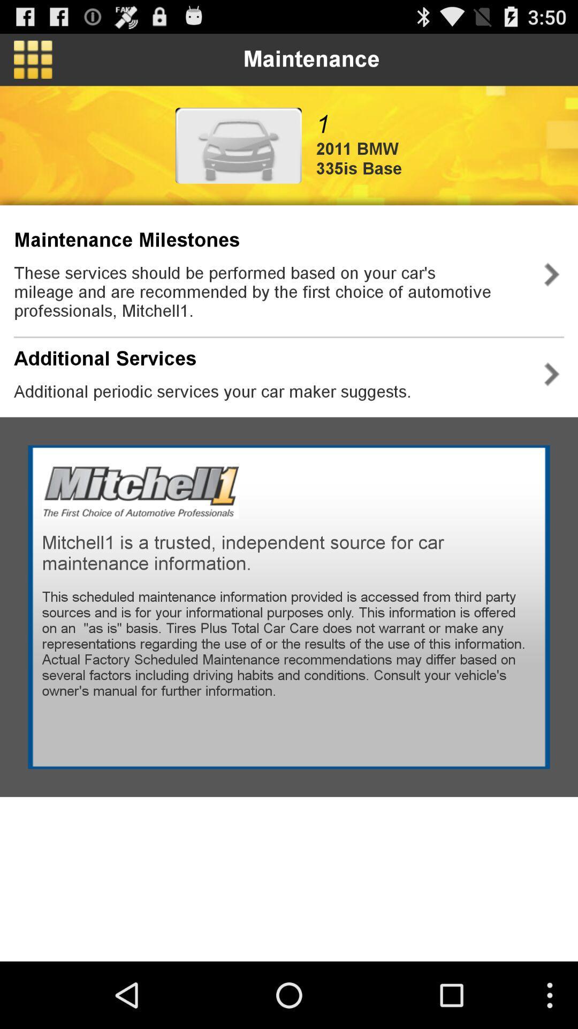 The image size is (578, 1029). What do you see at coordinates (269, 292) in the screenshot?
I see `the app above the additional services icon` at bounding box center [269, 292].